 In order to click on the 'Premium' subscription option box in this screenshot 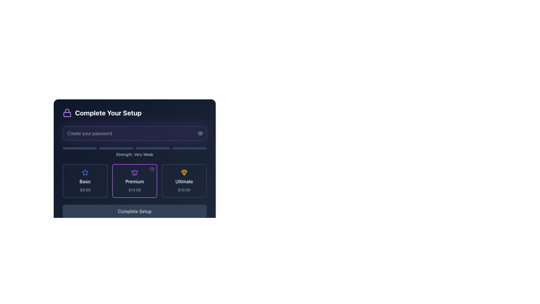, I will do `click(134, 181)`.